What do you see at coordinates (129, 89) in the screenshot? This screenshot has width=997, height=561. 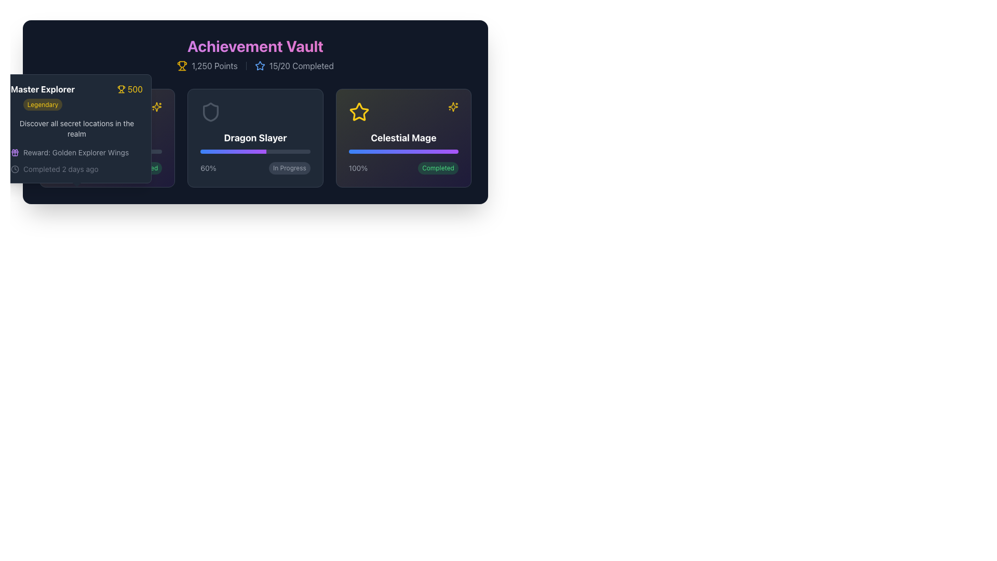 I see `the points indicator for the 'Master Explorer' achievement located in the top-right corner of the achievement card` at bounding box center [129, 89].